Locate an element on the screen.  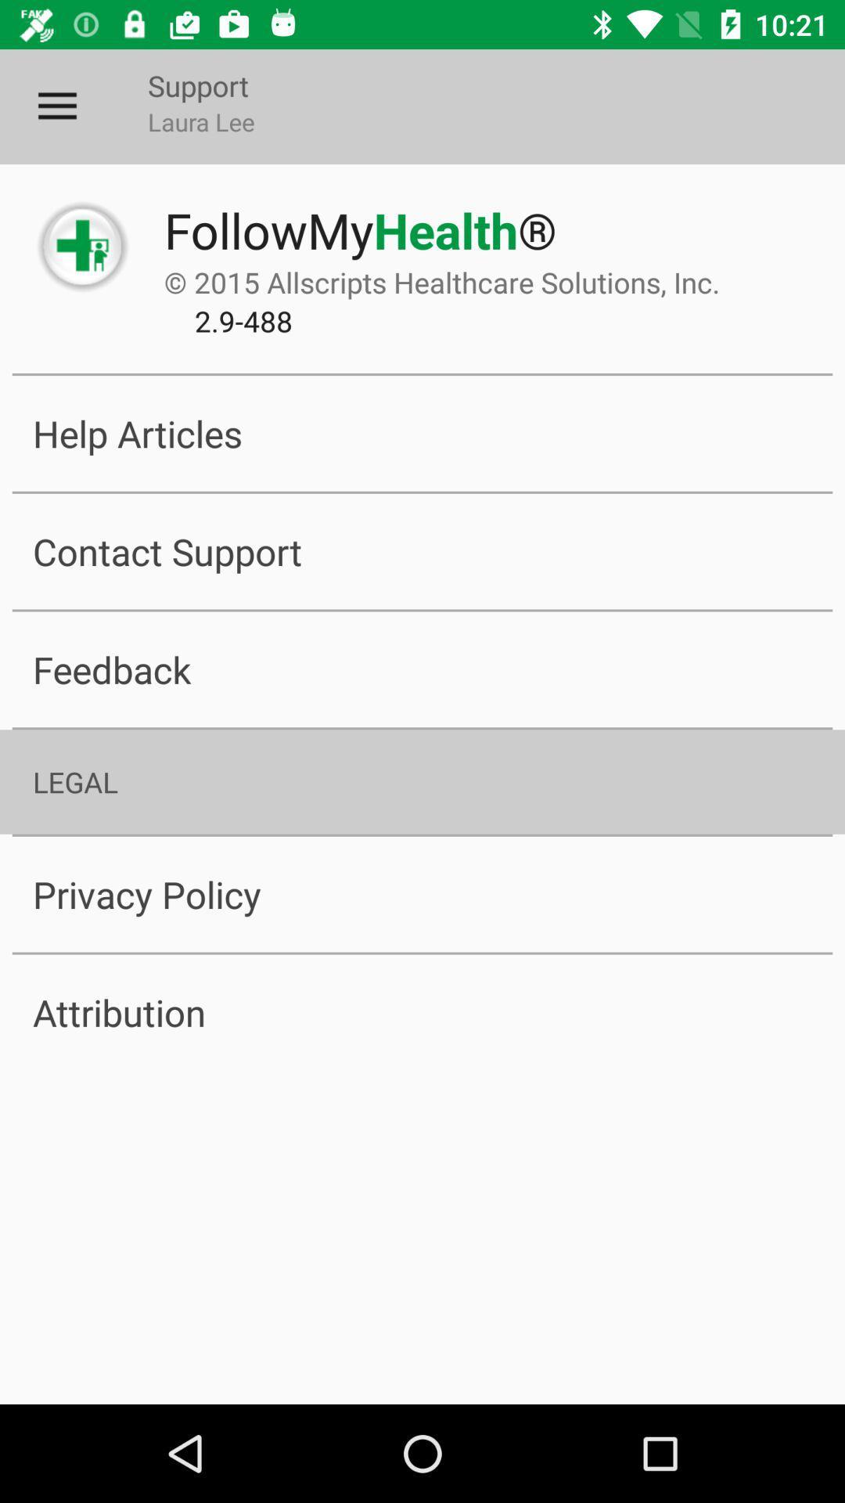
the item above privacy policy is located at coordinates (422, 781).